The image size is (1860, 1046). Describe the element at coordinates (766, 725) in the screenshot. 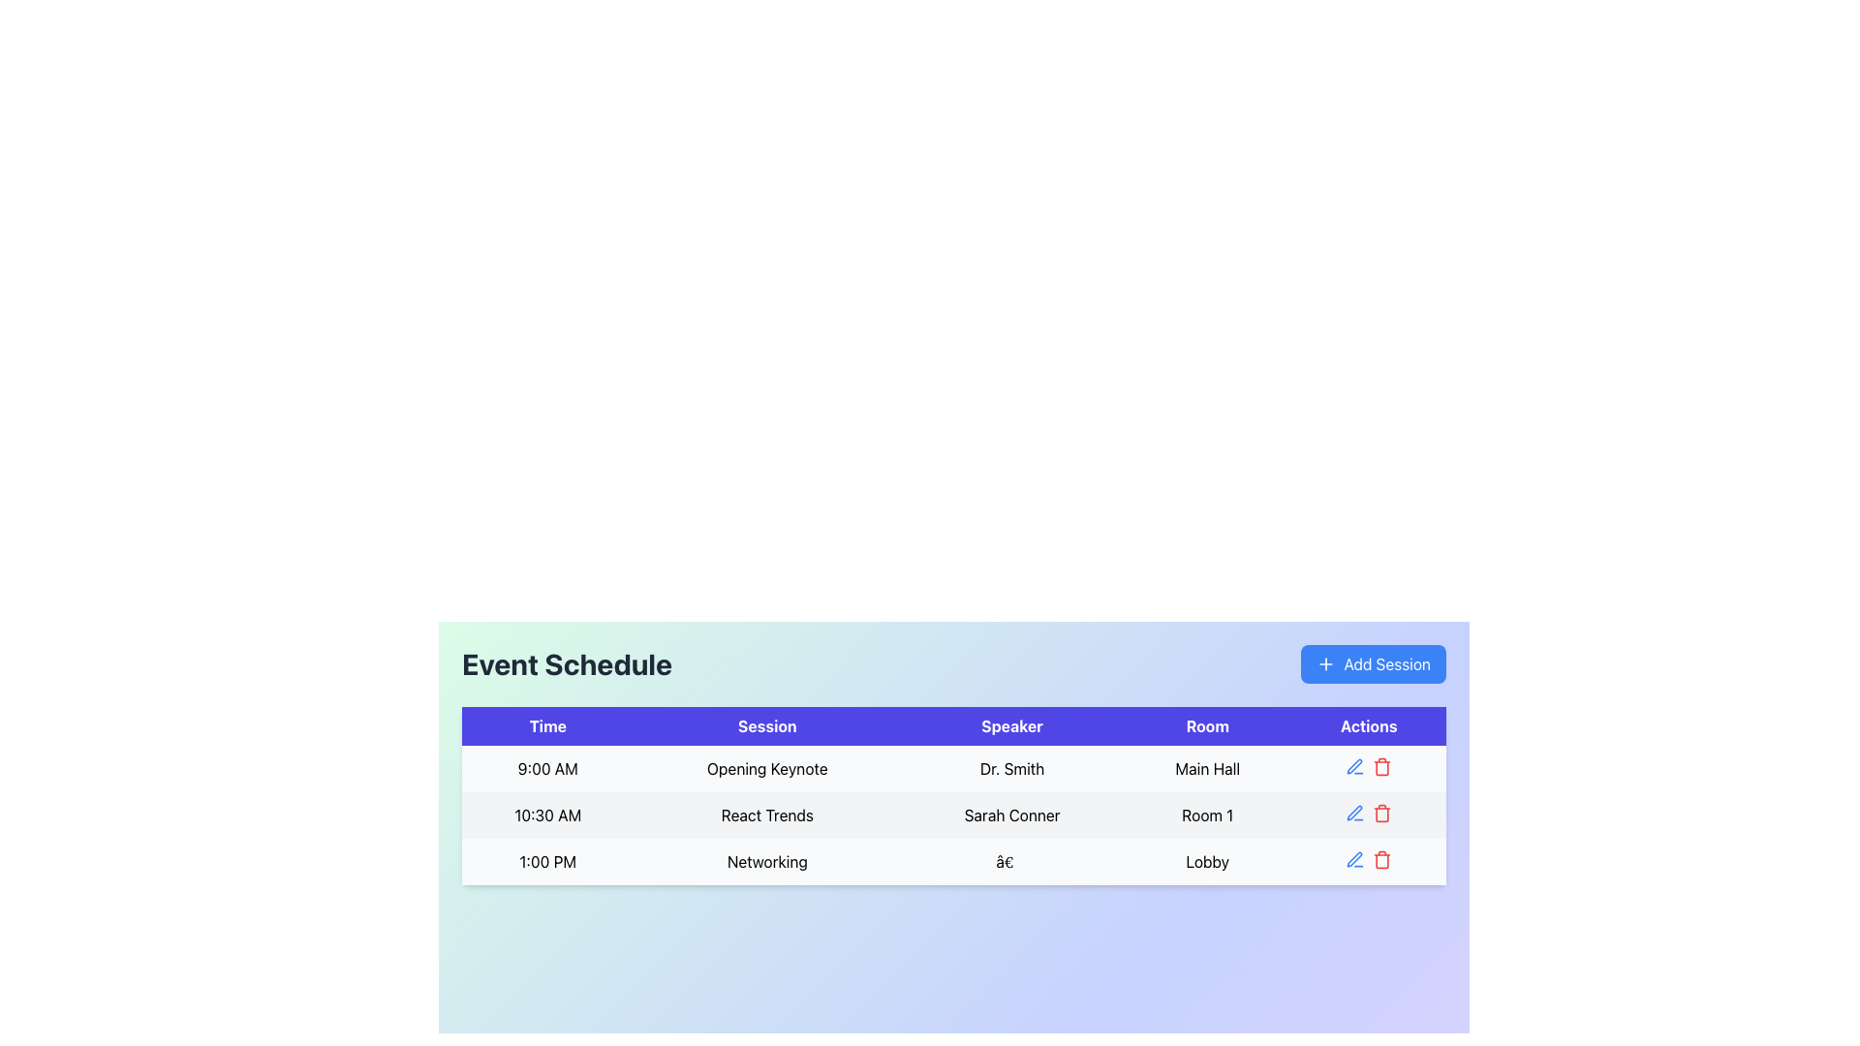

I see `the header cell for the 'Session' column in the table to sort the column data` at that location.